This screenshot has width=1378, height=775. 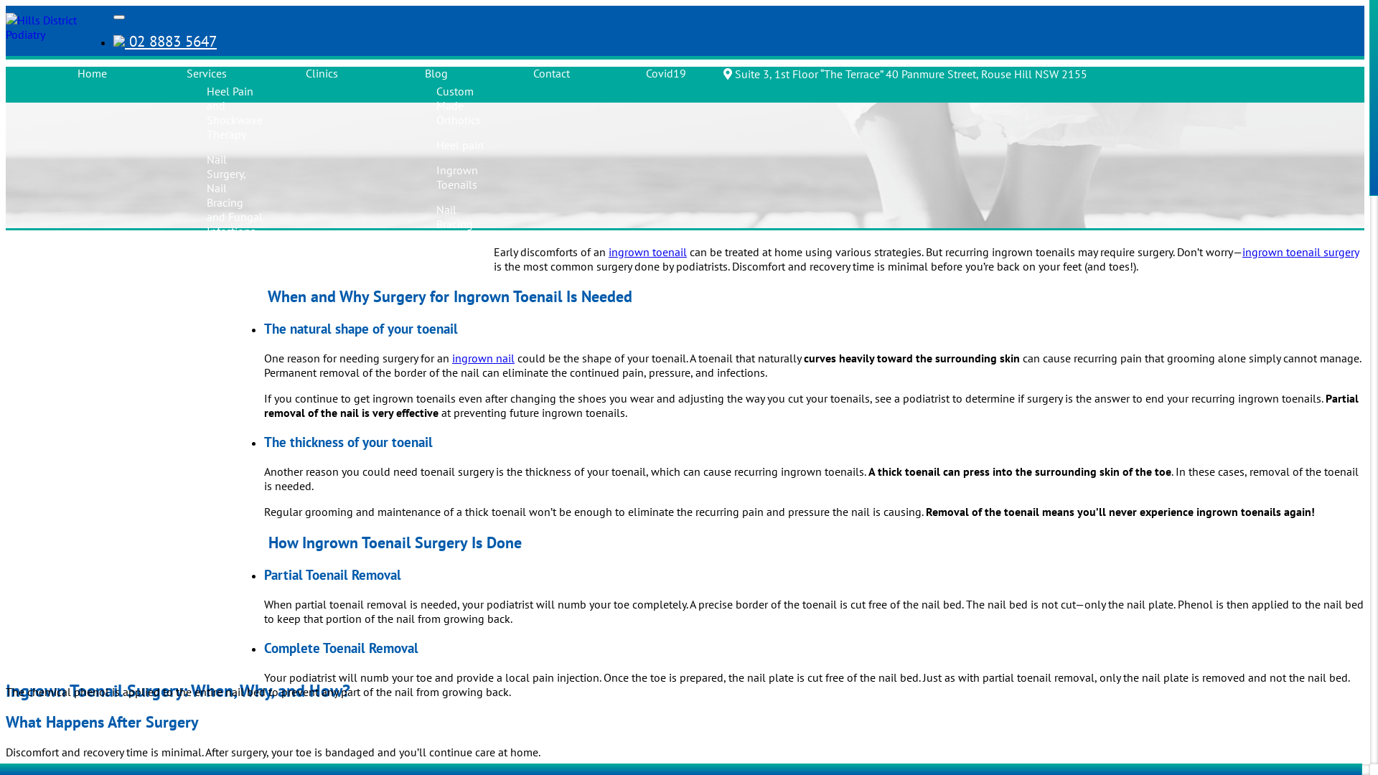 I want to click on 'Diabetes and General Footcare', so click(x=227, y=277).